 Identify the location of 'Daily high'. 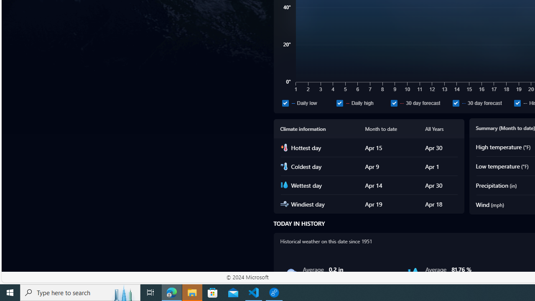
(362, 102).